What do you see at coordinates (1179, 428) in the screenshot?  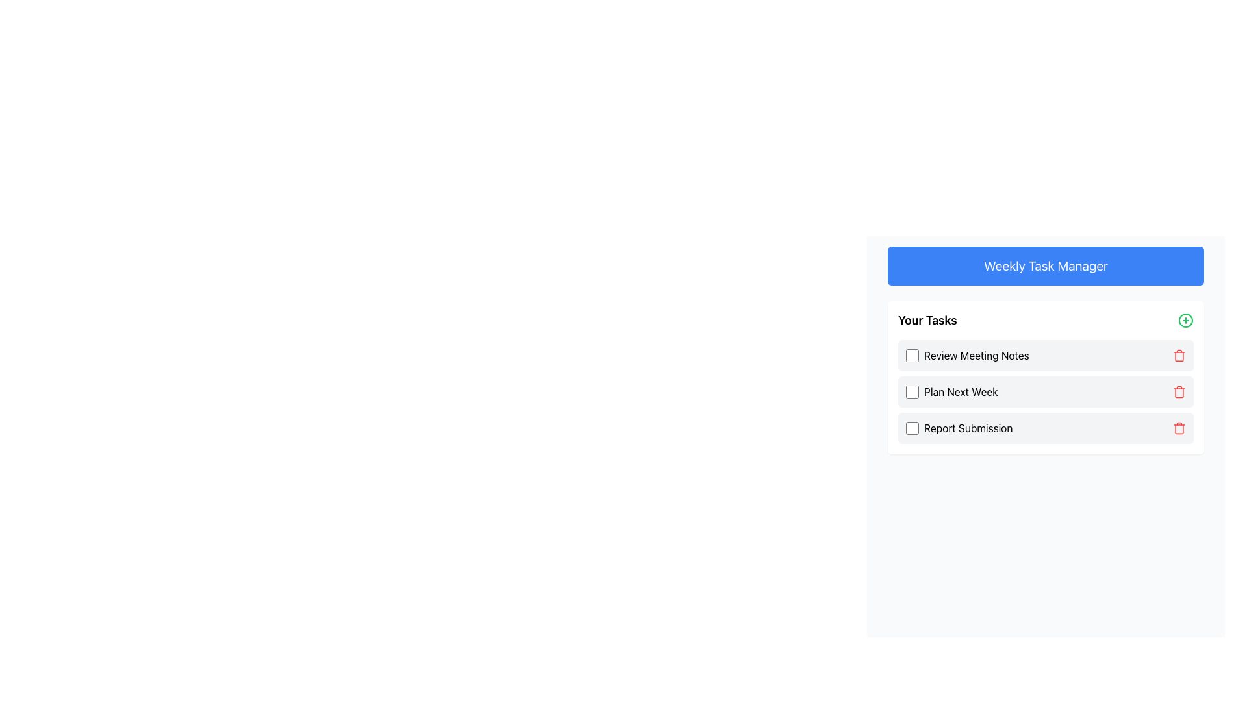 I see `the delete icon button located at the far-right end of the 'Report Submission' task item in the 'Your Tasks' list` at bounding box center [1179, 428].